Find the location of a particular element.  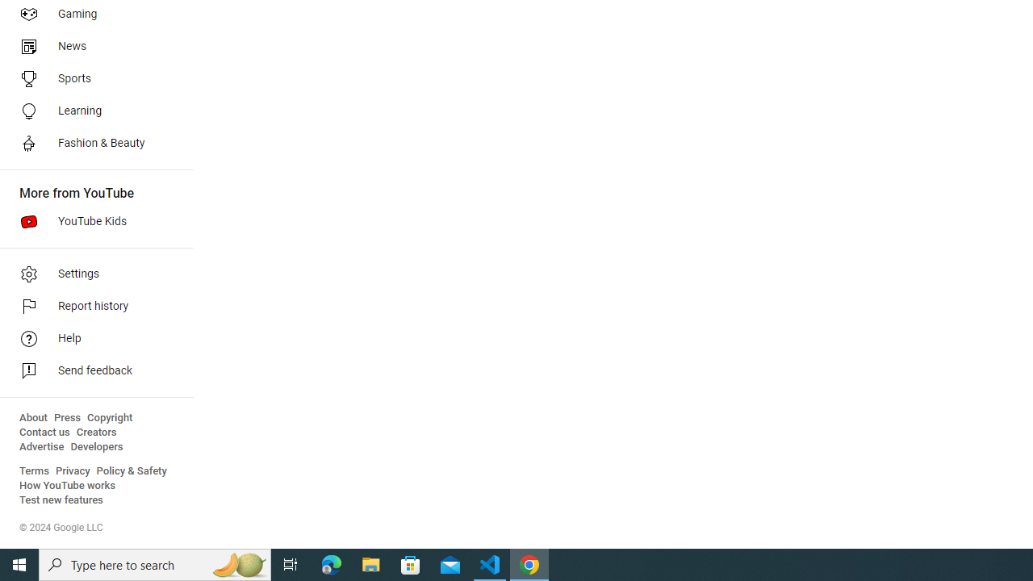

'Help' is located at coordinates (90, 338).